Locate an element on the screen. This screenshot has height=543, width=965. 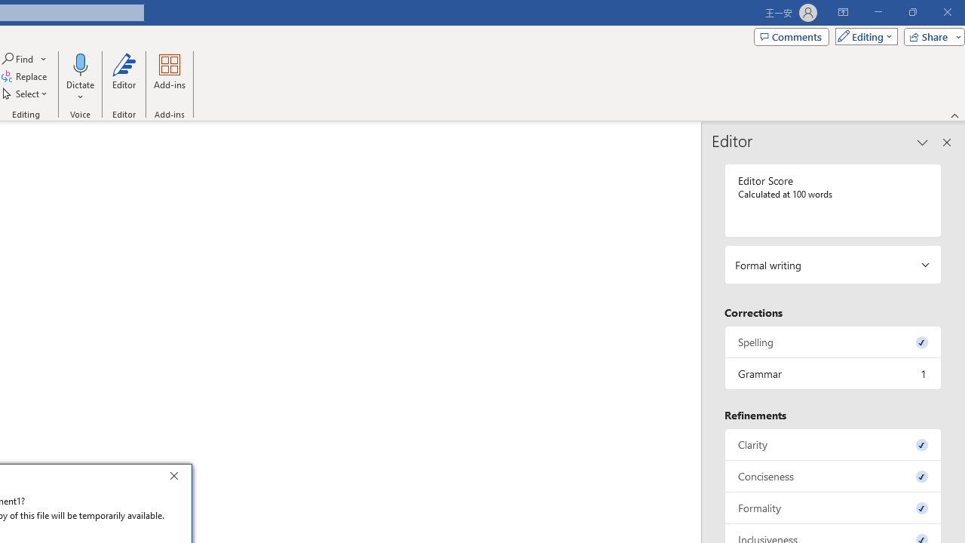
'Dictate' is located at coordinates (79, 78).